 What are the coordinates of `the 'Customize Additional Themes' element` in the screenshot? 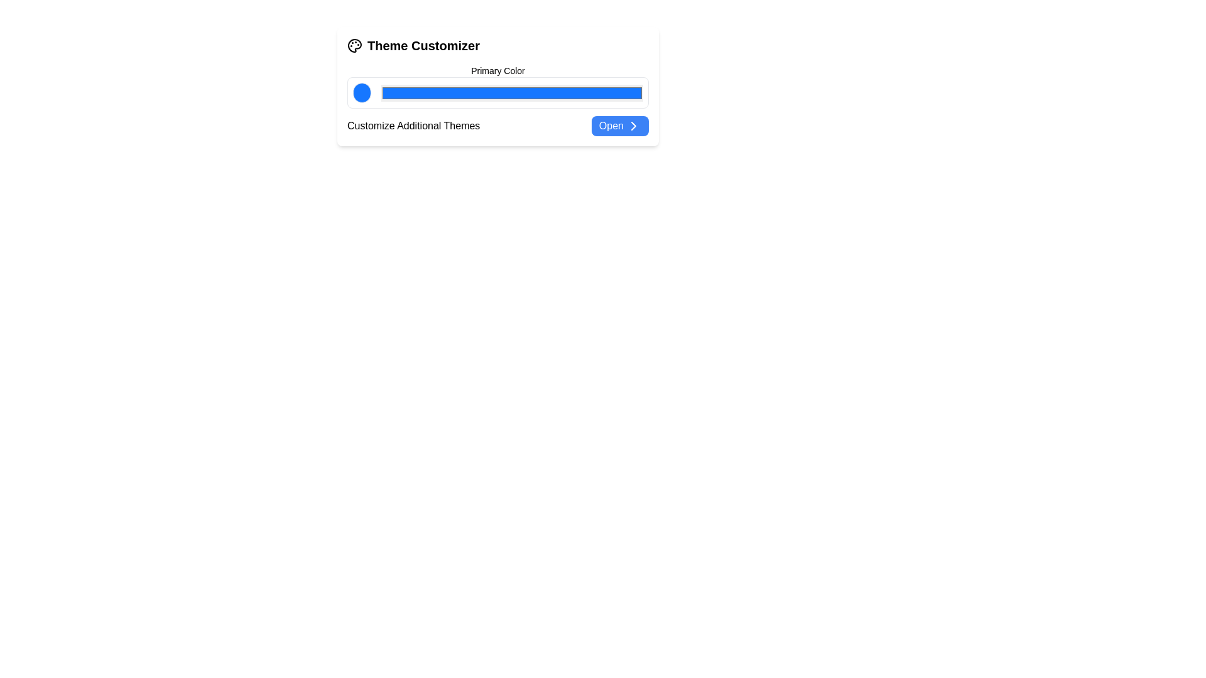 It's located at (497, 126).